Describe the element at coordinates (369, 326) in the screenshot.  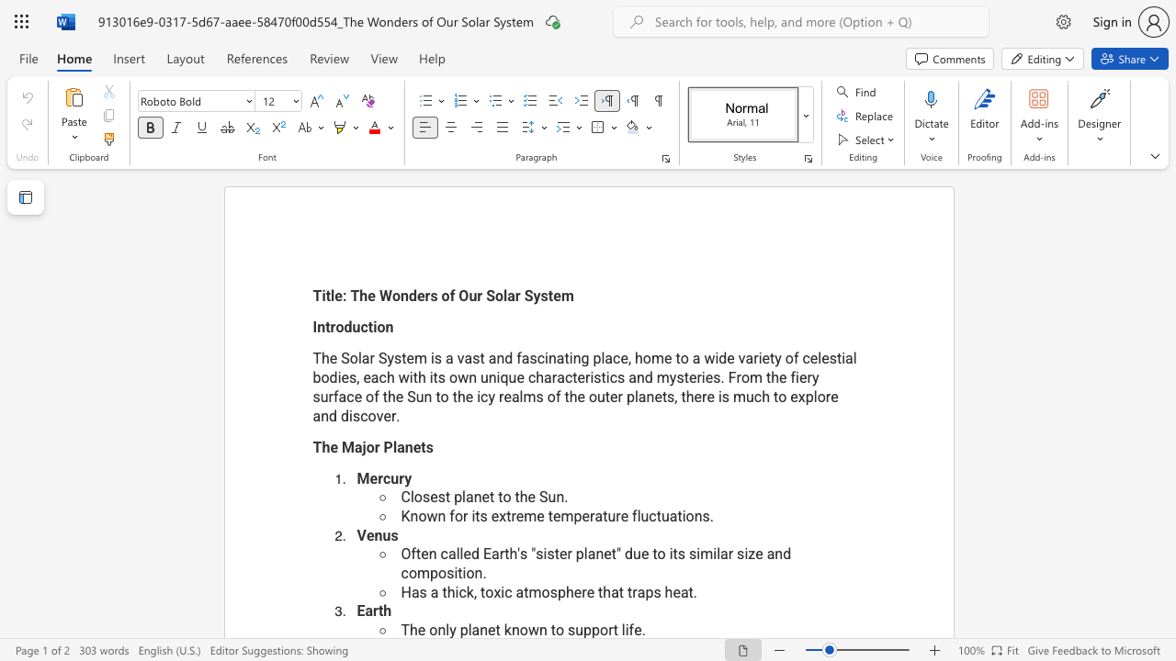
I see `the 2th character "t" in the text` at that location.